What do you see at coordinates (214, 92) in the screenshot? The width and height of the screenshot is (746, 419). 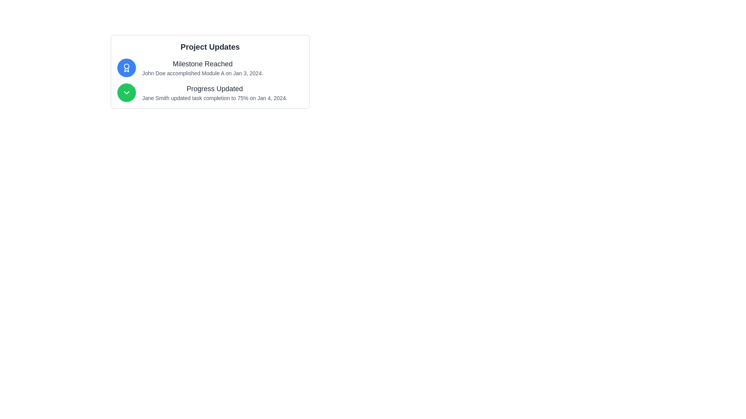 I see `the second update entry in the lower section of the card that informs the user about a recent update regarding task progress` at bounding box center [214, 92].